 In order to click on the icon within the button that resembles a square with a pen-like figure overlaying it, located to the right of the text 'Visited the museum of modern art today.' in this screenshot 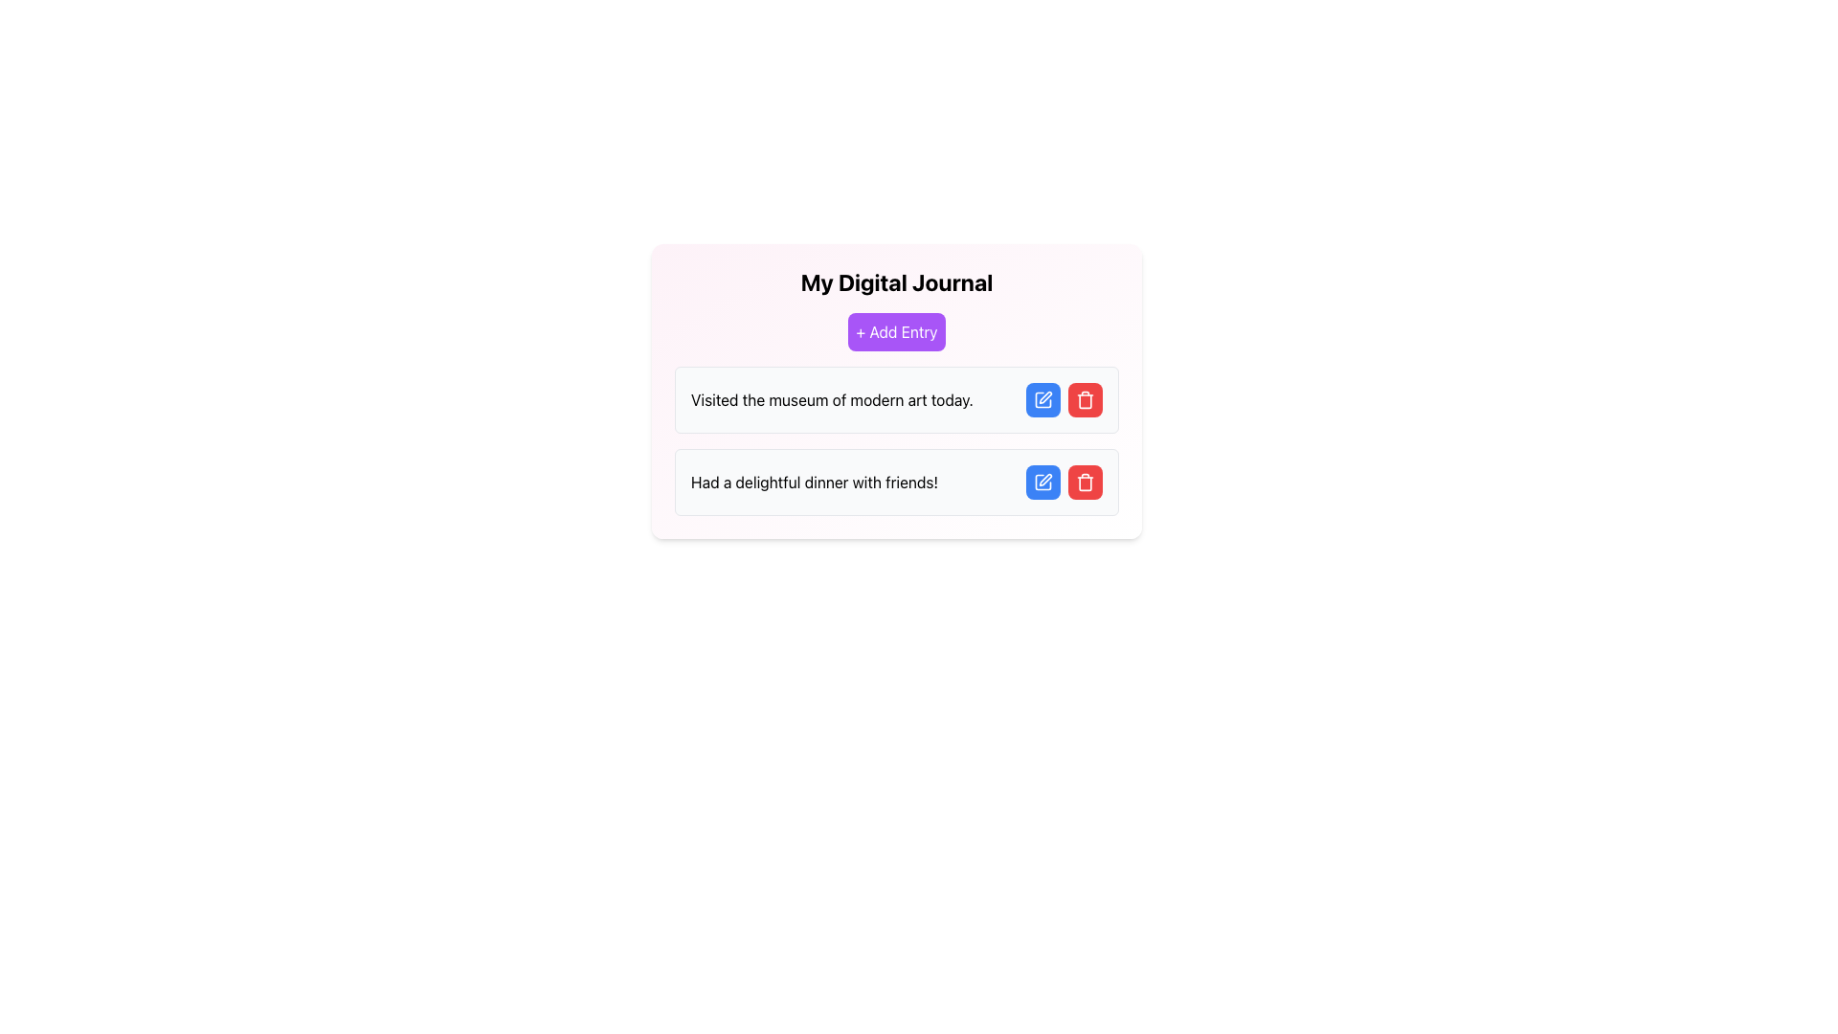, I will do `click(1042, 398)`.